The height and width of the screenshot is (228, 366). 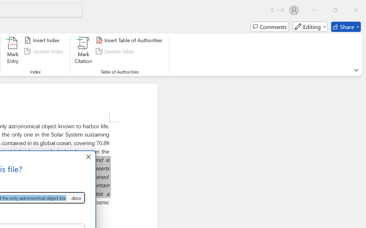 I want to click on 'Update Index', so click(x=44, y=51).